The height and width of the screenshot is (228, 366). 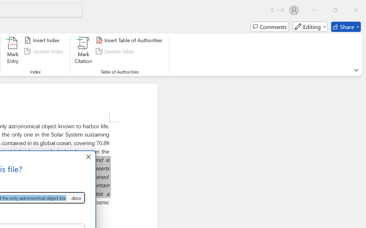 I want to click on 'Update Index', so click(x=44, y=51).